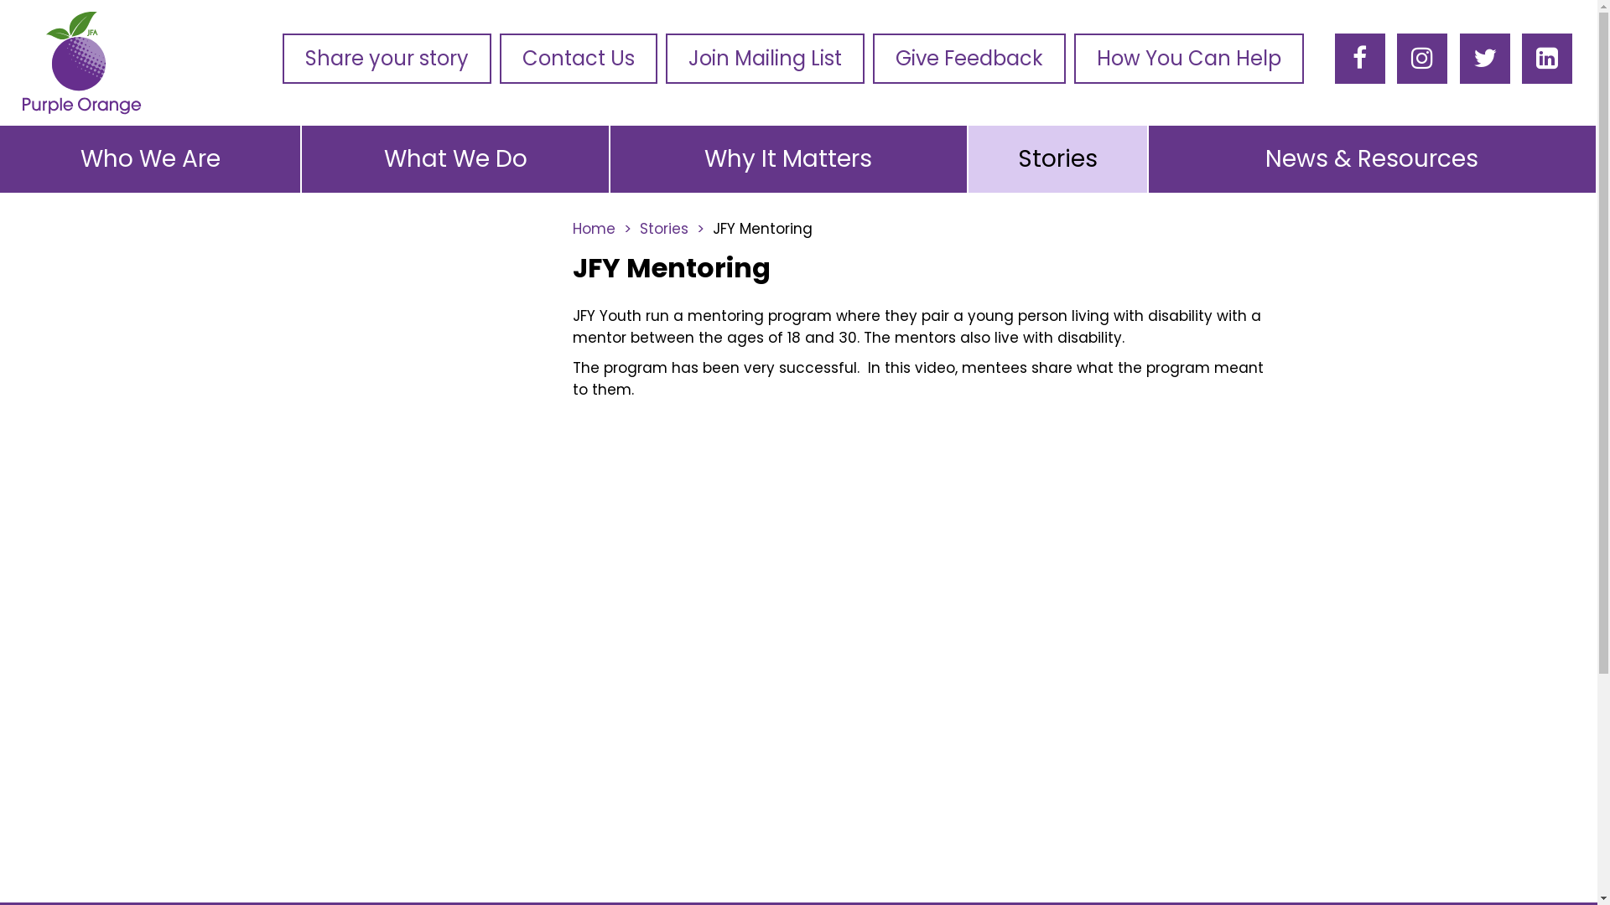 This screenshot has height=905, width=1610. What do you see at coordinates (1359, 57) in the screenshot?
I see `'Facebook'` at bounding box center [1359, 57].